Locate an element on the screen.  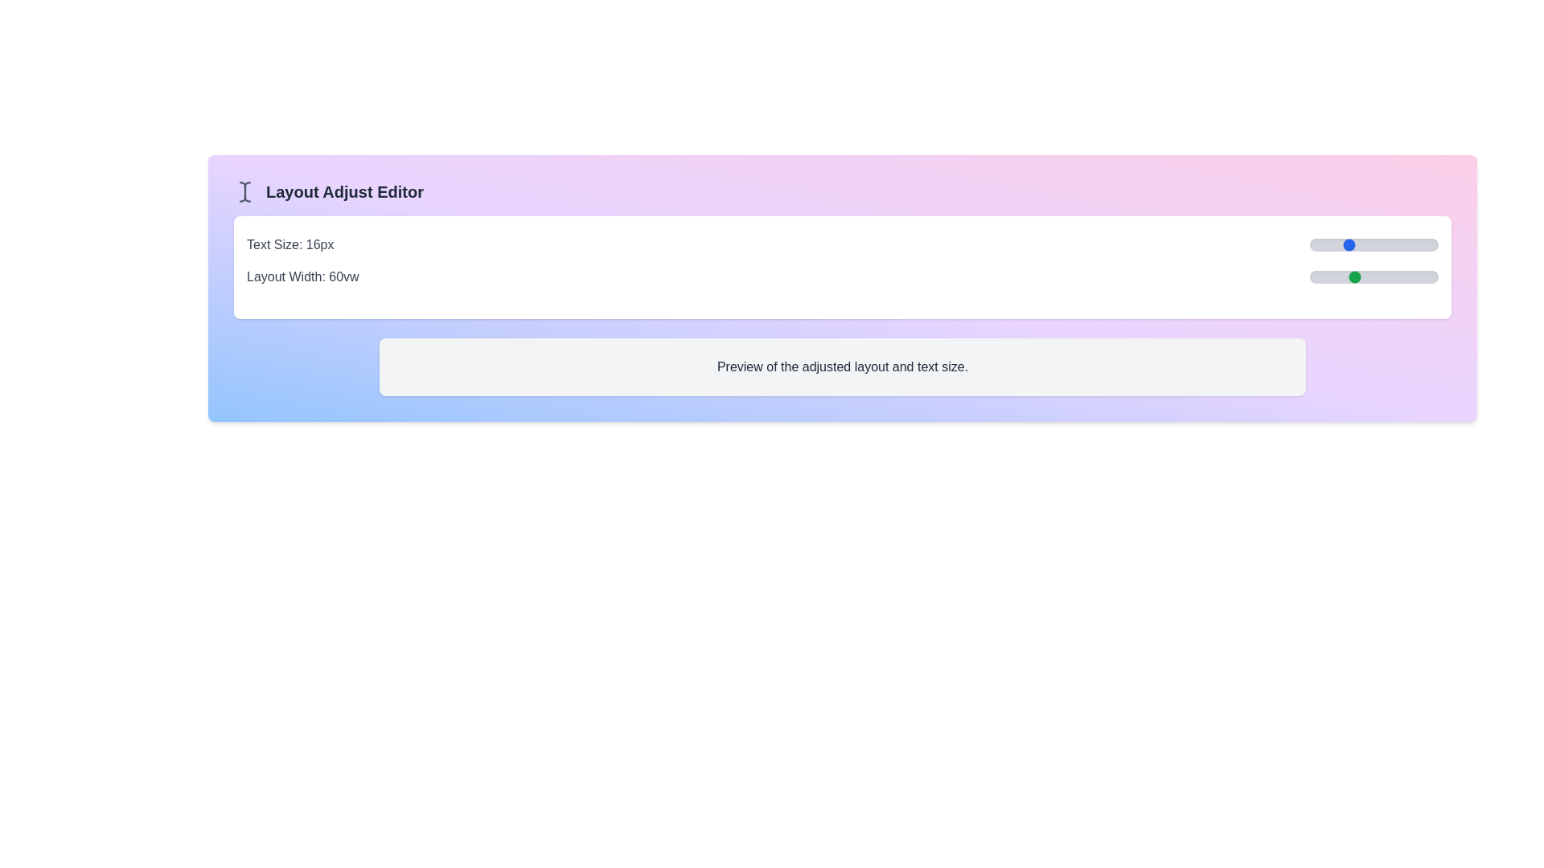
the slider is located at coordinates (1366, 276).